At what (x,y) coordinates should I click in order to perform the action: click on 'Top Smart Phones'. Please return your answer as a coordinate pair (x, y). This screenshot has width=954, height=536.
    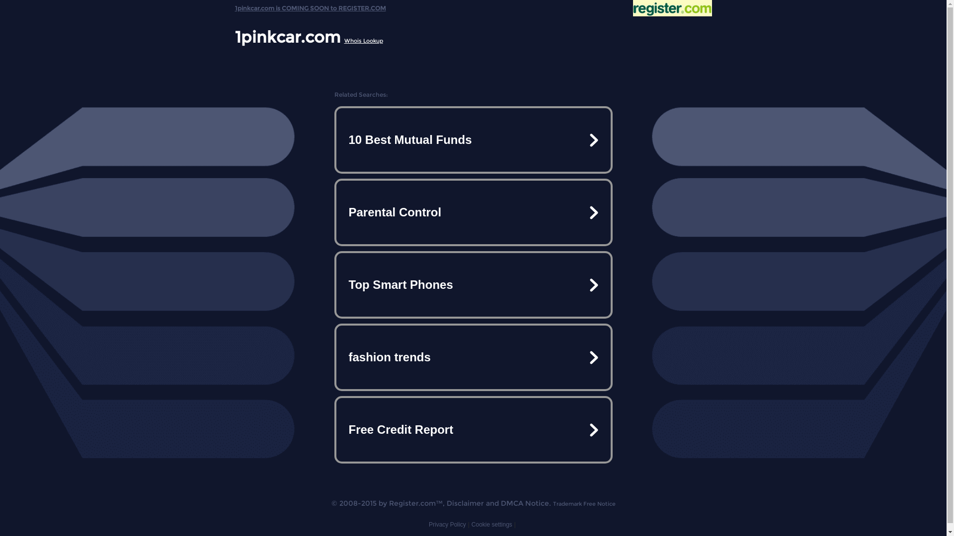
    Looking at the image, I should click on (472, 285).